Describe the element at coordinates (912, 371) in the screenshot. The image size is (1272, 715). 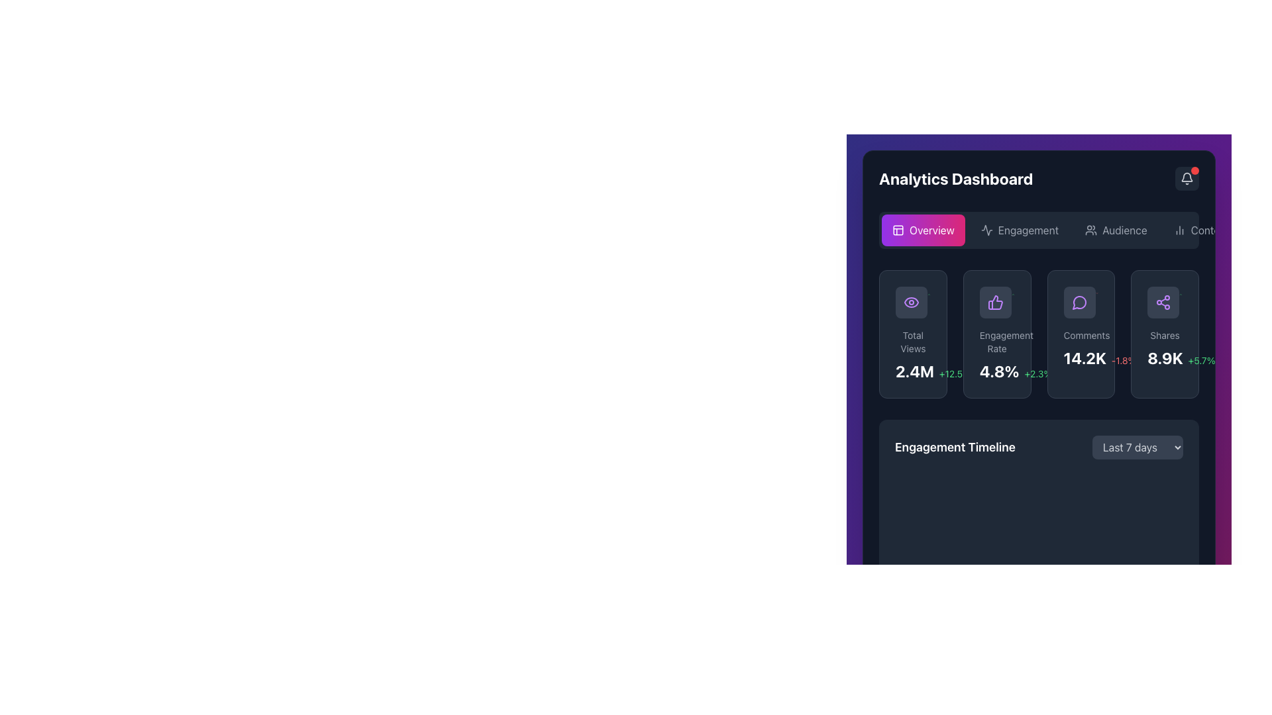
I see `the total views metric display located within the 'Total Views' card in the 'Analytics Dashboard', which presents the total views metric to the user` at that location.